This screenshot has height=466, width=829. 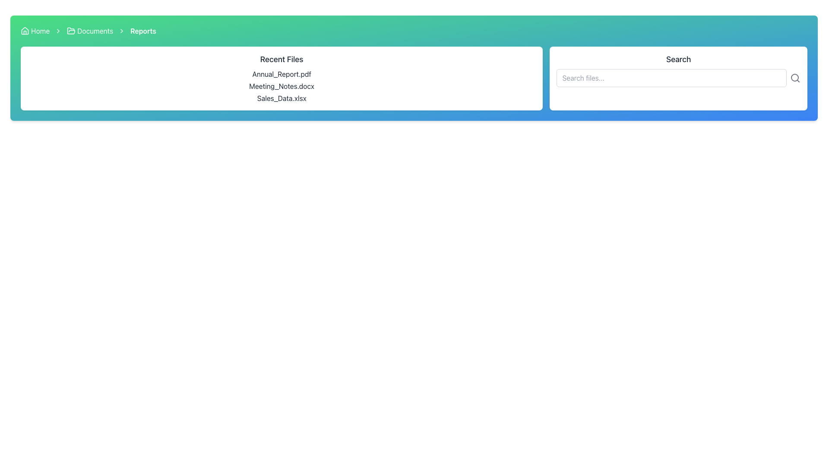 I want to click on the 'Home' SVG Icon located at the top-left section of the interface, which represents navigation to the homepage, so click(x=25, y=31).